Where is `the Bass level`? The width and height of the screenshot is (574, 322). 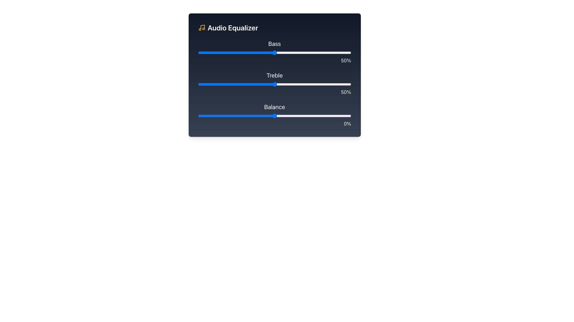
the Bass level is located at coordinates (239, 52).